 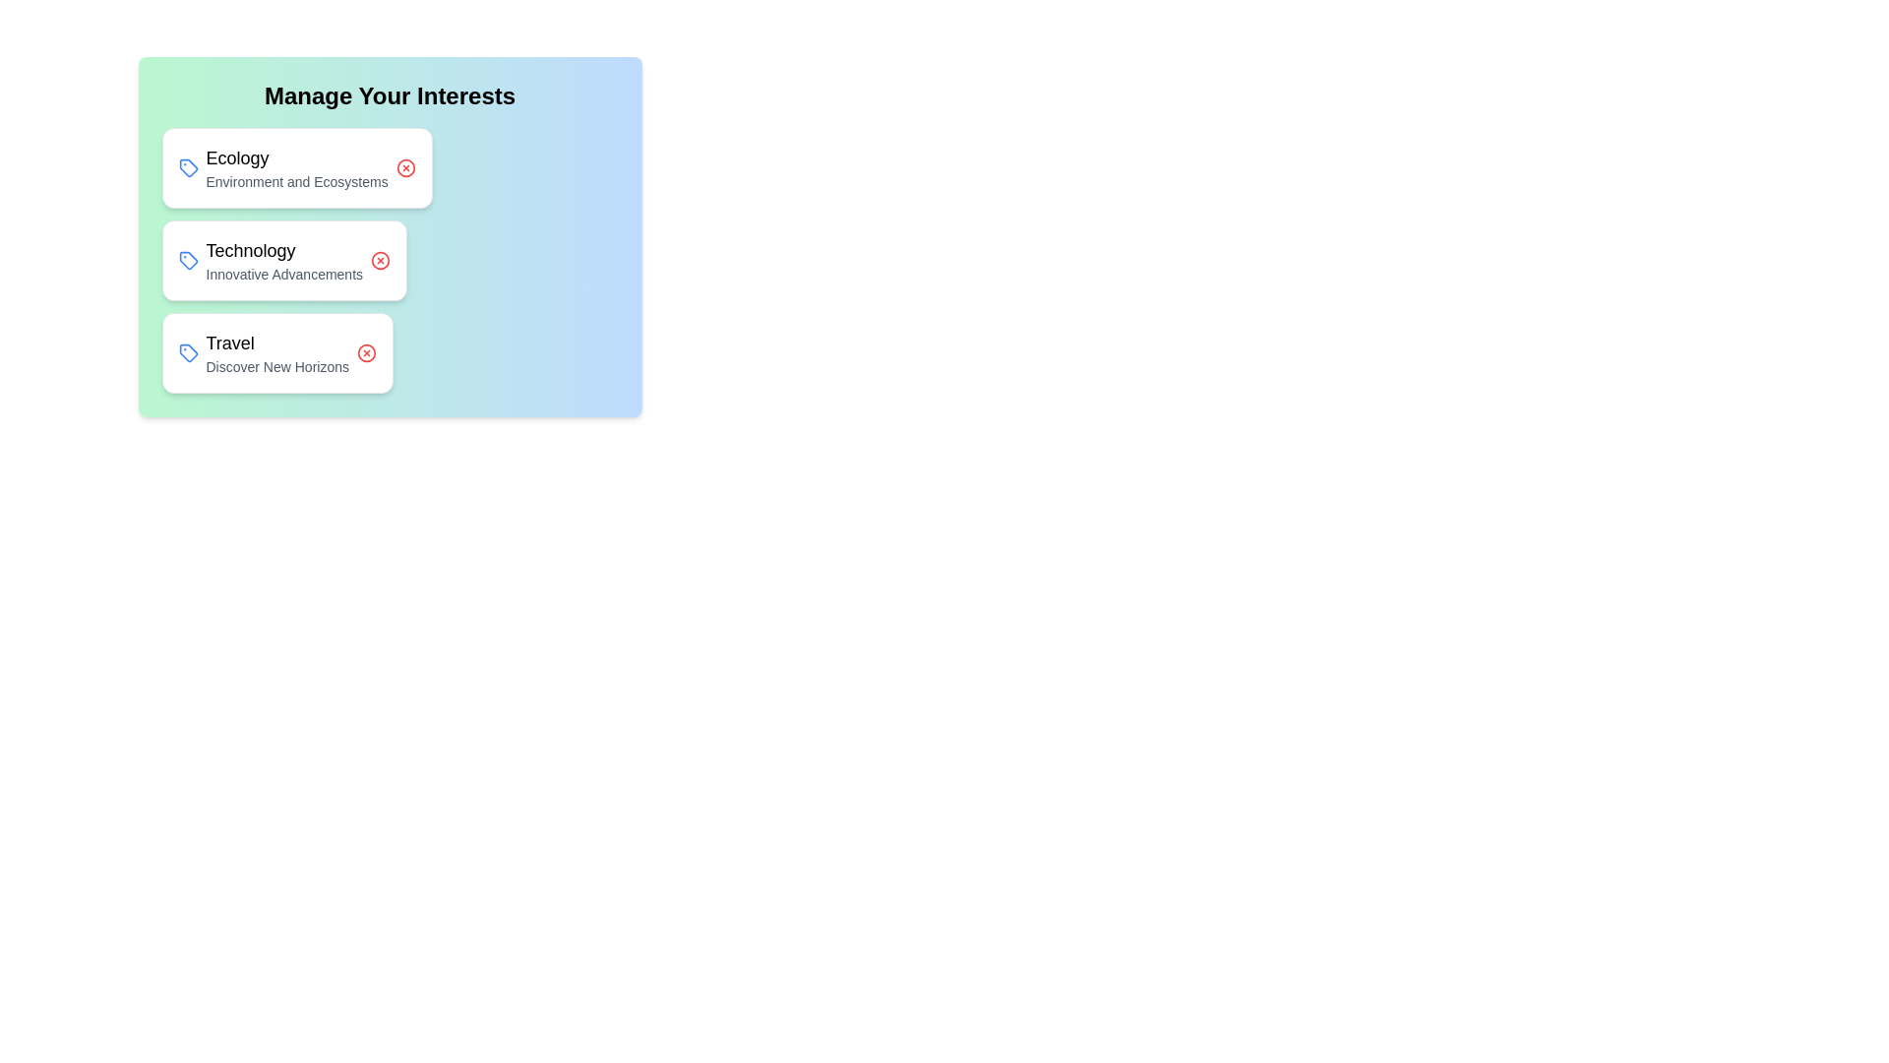 What do you see at coordinates (282, 260) in the screenshot?
I see `the chip labeled Technology to observe the hover effect` at bounding box center [282, 260].